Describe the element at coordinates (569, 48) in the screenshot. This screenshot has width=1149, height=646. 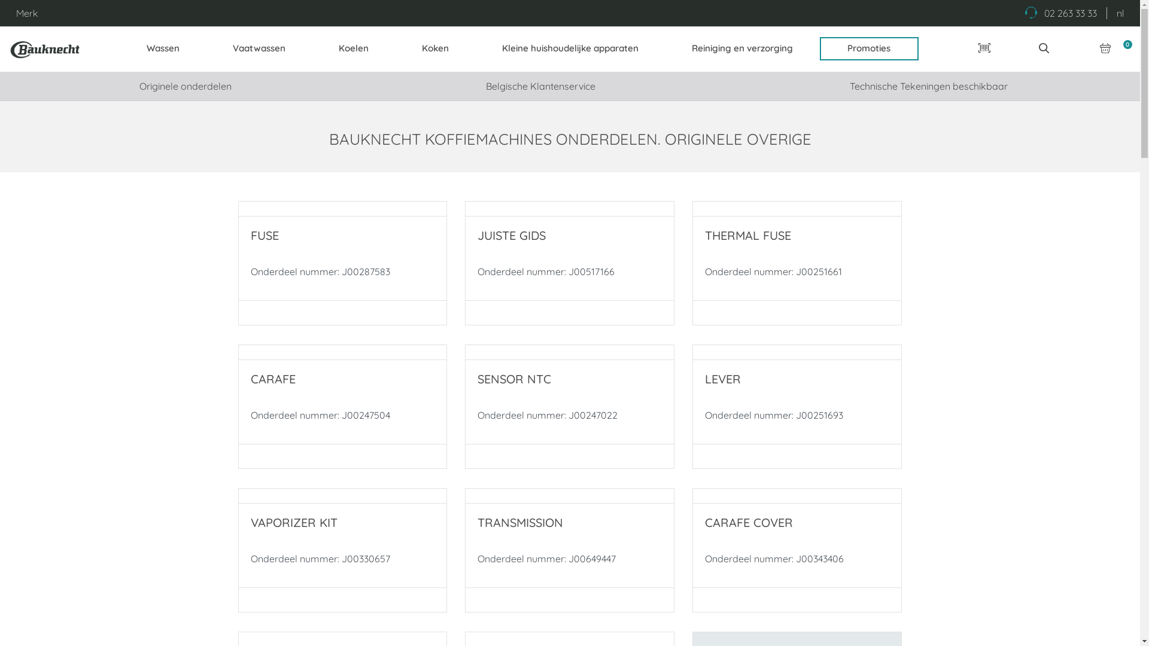
I see `'Kleine huishoudelijke apparaten'` at that location.